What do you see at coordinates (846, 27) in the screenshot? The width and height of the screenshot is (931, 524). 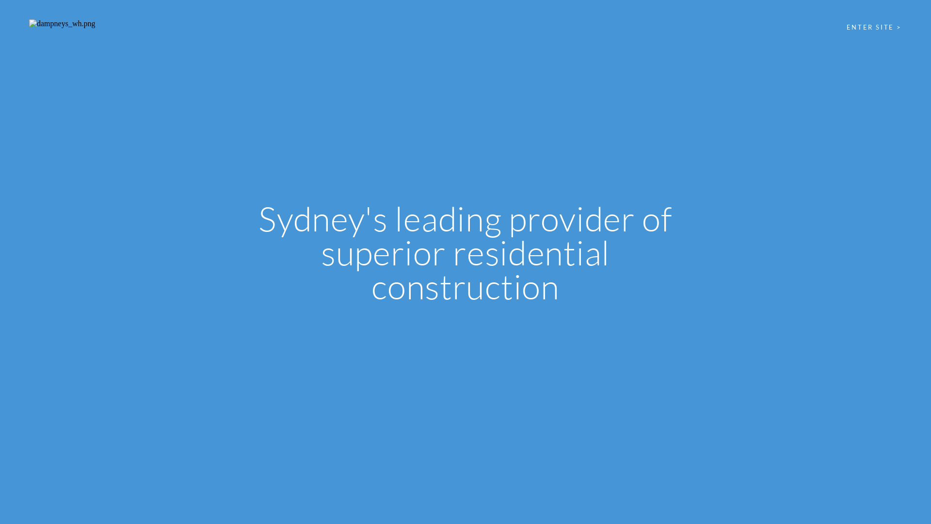 I see `'ENTER SITE >'` at bounding box center [846, 27].